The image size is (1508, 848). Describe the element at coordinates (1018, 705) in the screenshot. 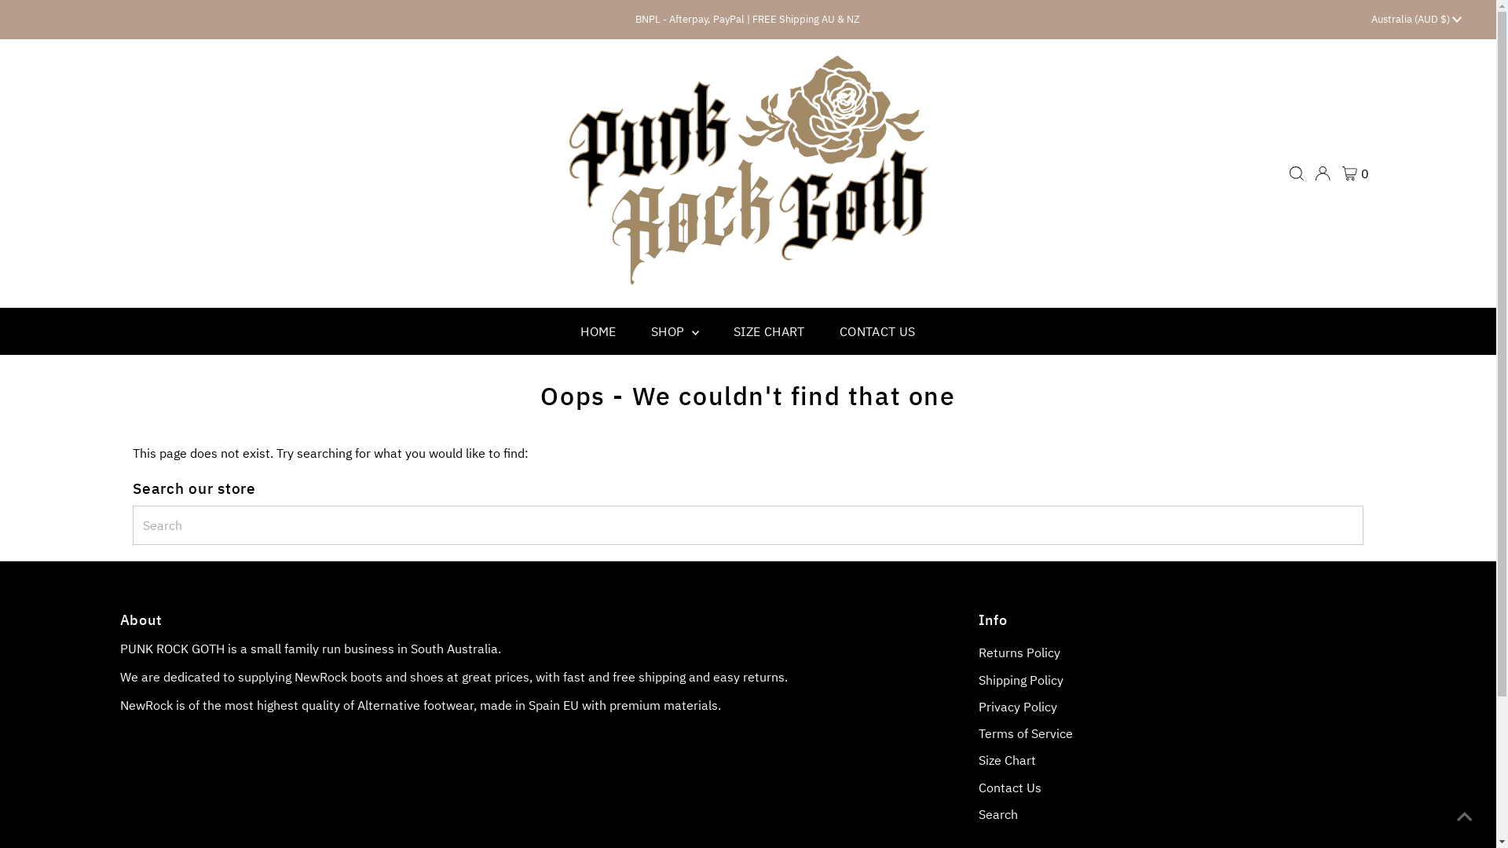

I see `'Privacy Policy'` at that location.